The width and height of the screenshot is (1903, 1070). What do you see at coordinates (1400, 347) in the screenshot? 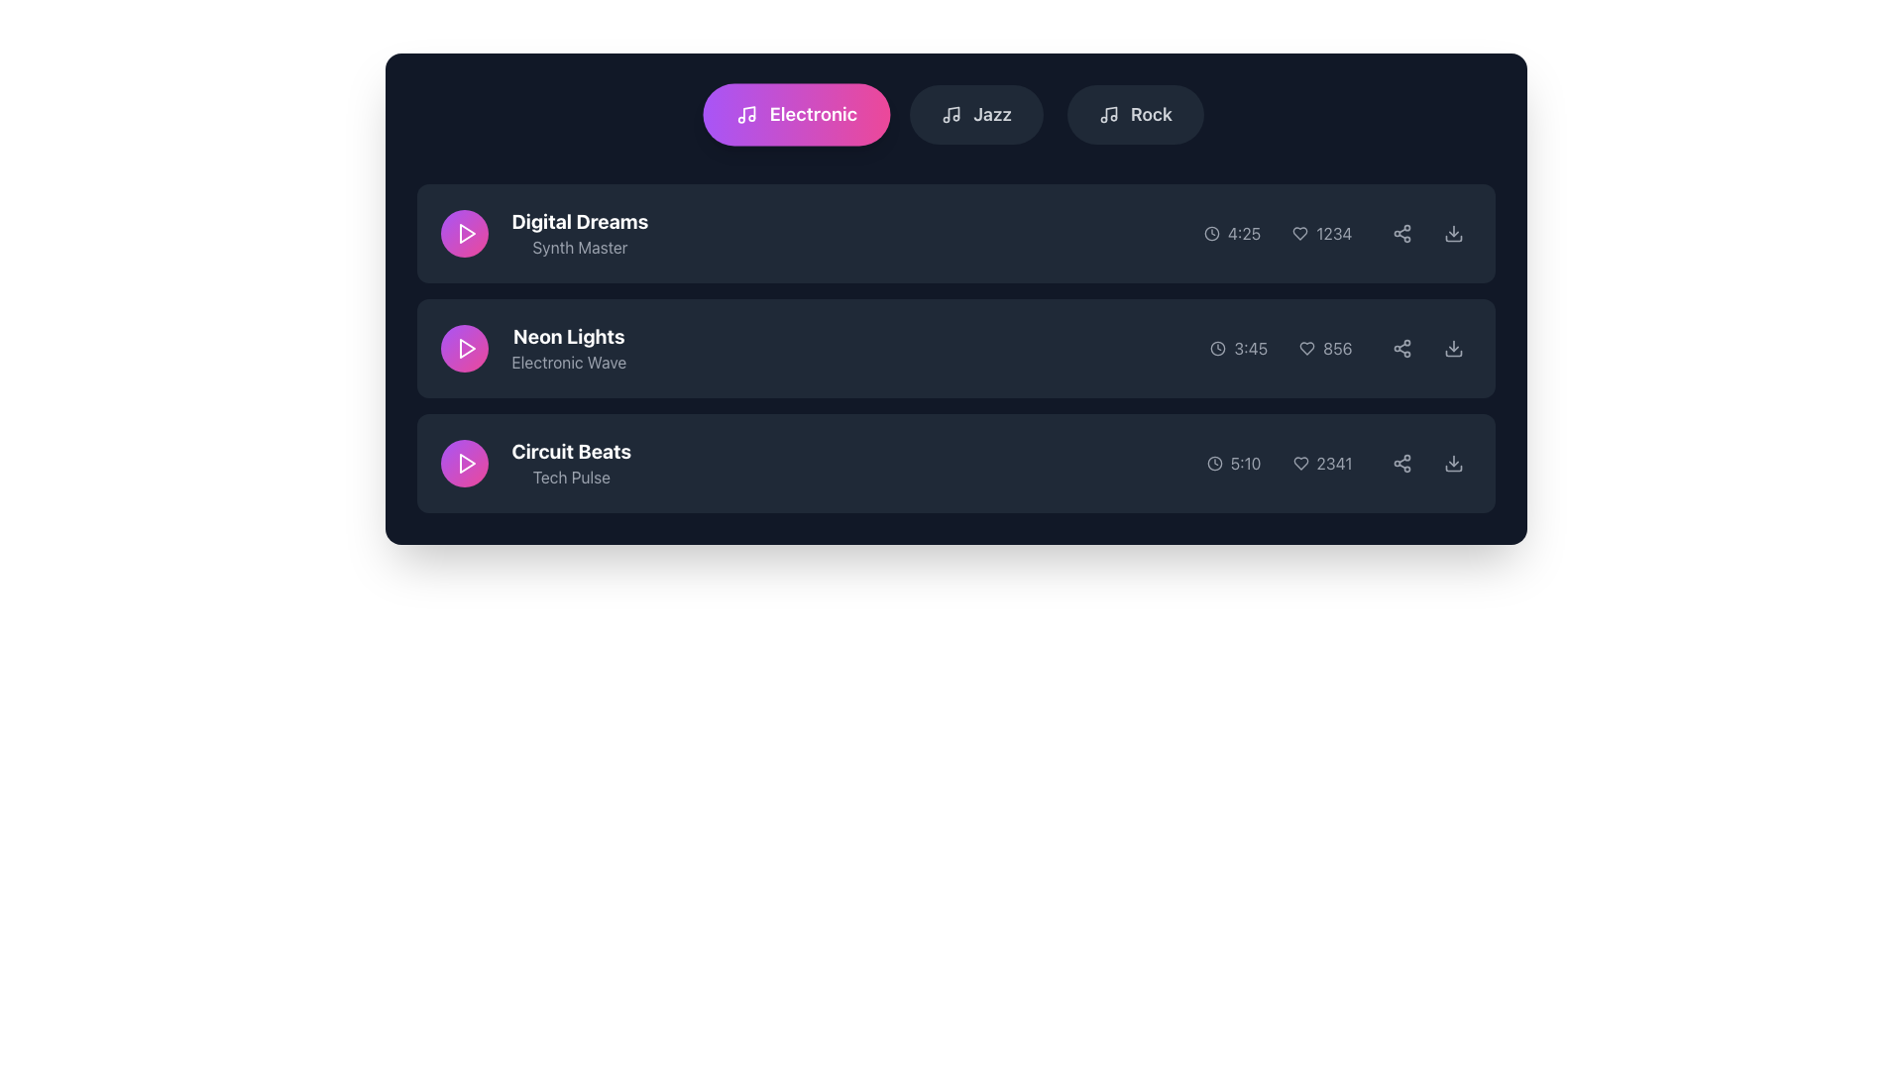
I see `the interactive share icon button, which resembles a 'share' symbol with three connected circles, located to the right of the second row entry and preceding the download button` at bounding box center [1400, 347].